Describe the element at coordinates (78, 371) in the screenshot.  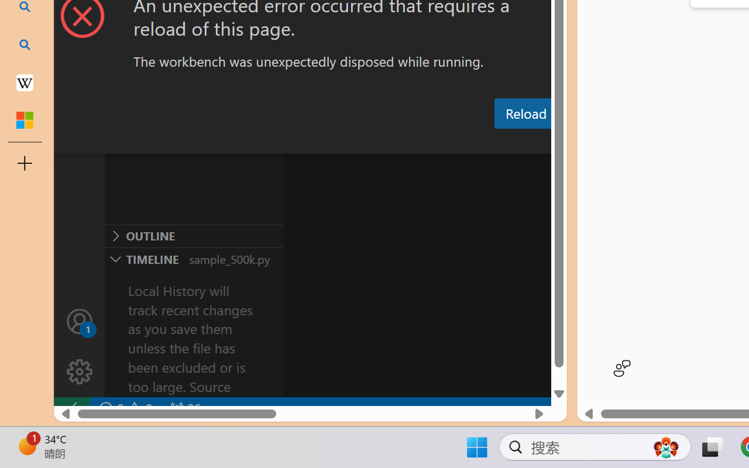
I see `'Manage'` at that location.